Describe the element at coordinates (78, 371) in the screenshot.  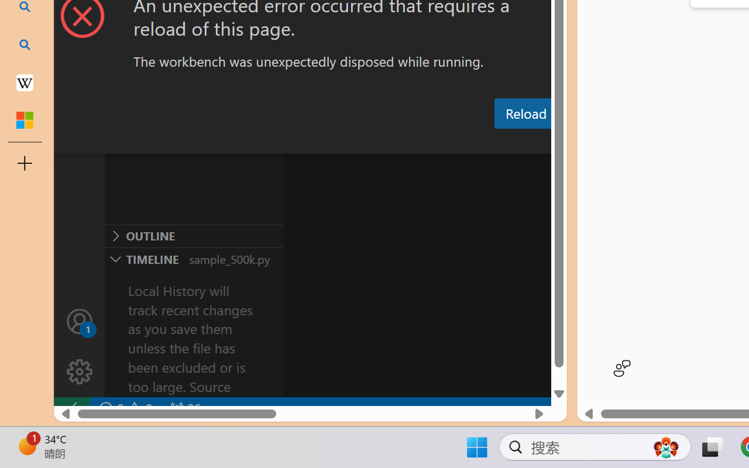
I see `'Manage'` at that location.